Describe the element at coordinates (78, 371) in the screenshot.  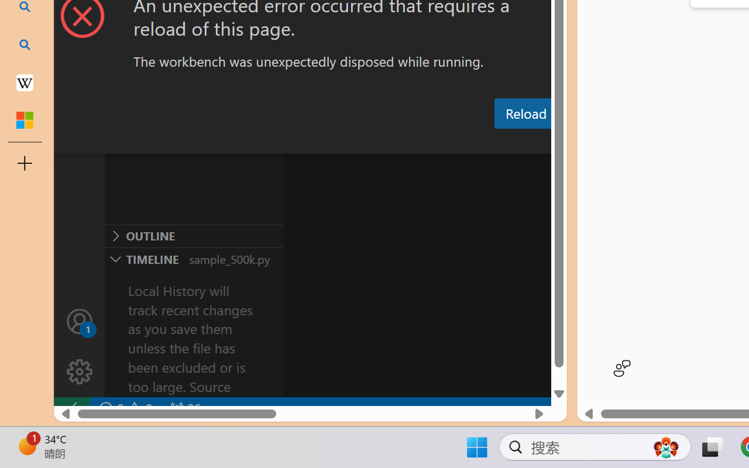
I see `'Manage'` at that location.